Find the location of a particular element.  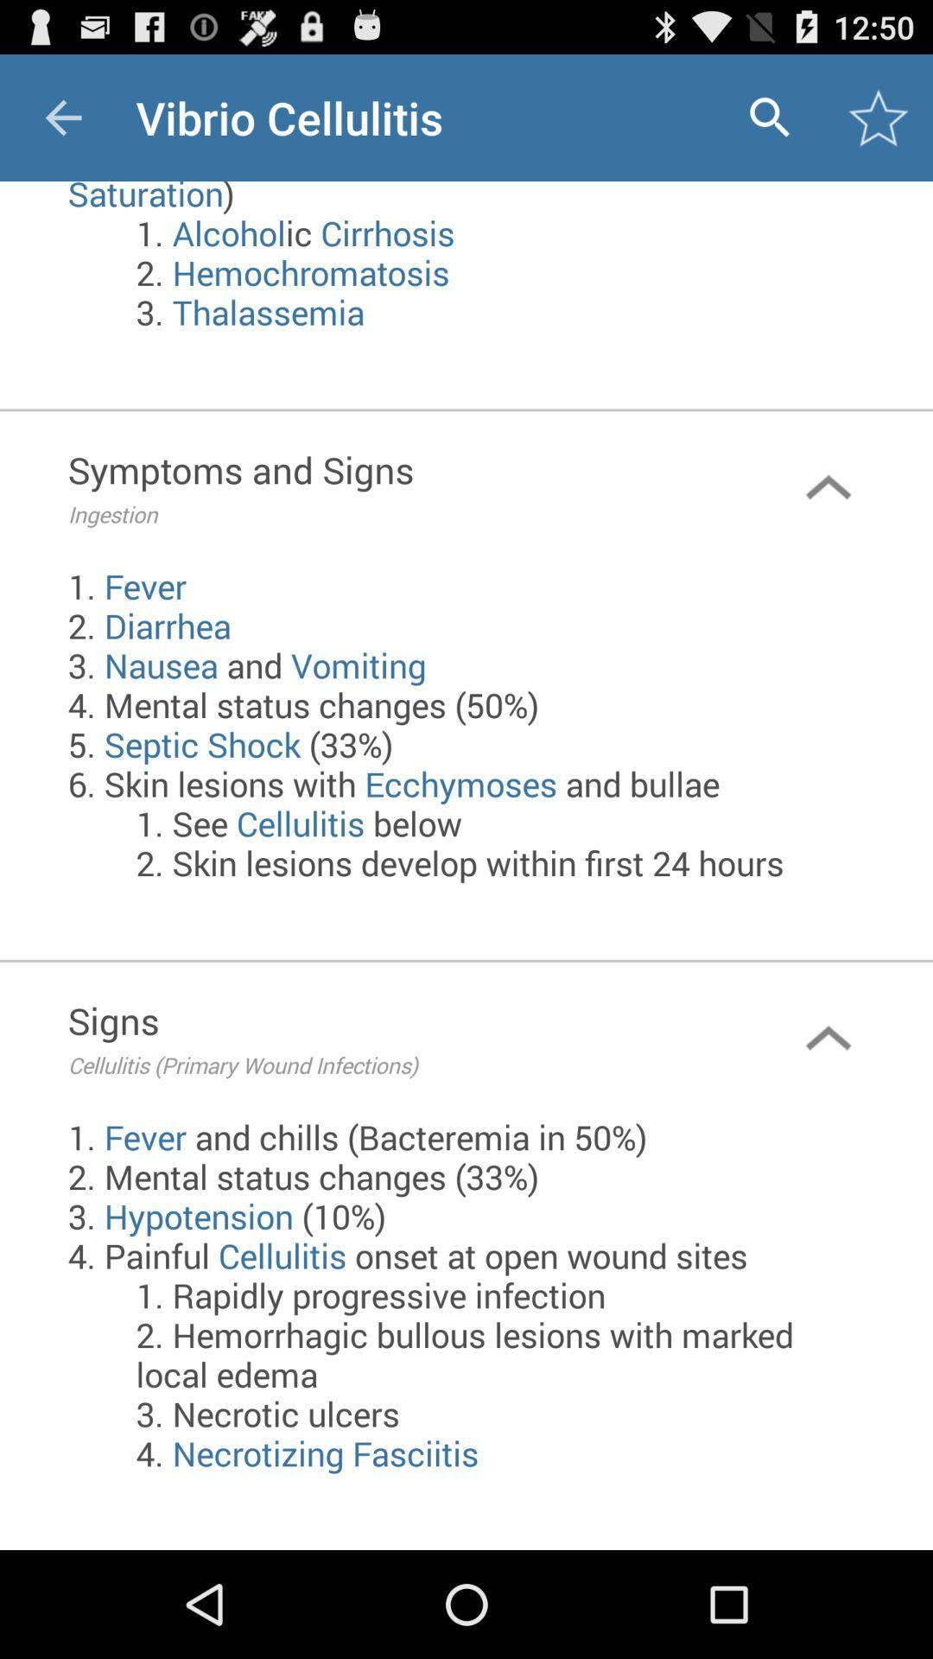

the icon to the right of the vibrio cellulitis app is located at coordinates (769, 117).